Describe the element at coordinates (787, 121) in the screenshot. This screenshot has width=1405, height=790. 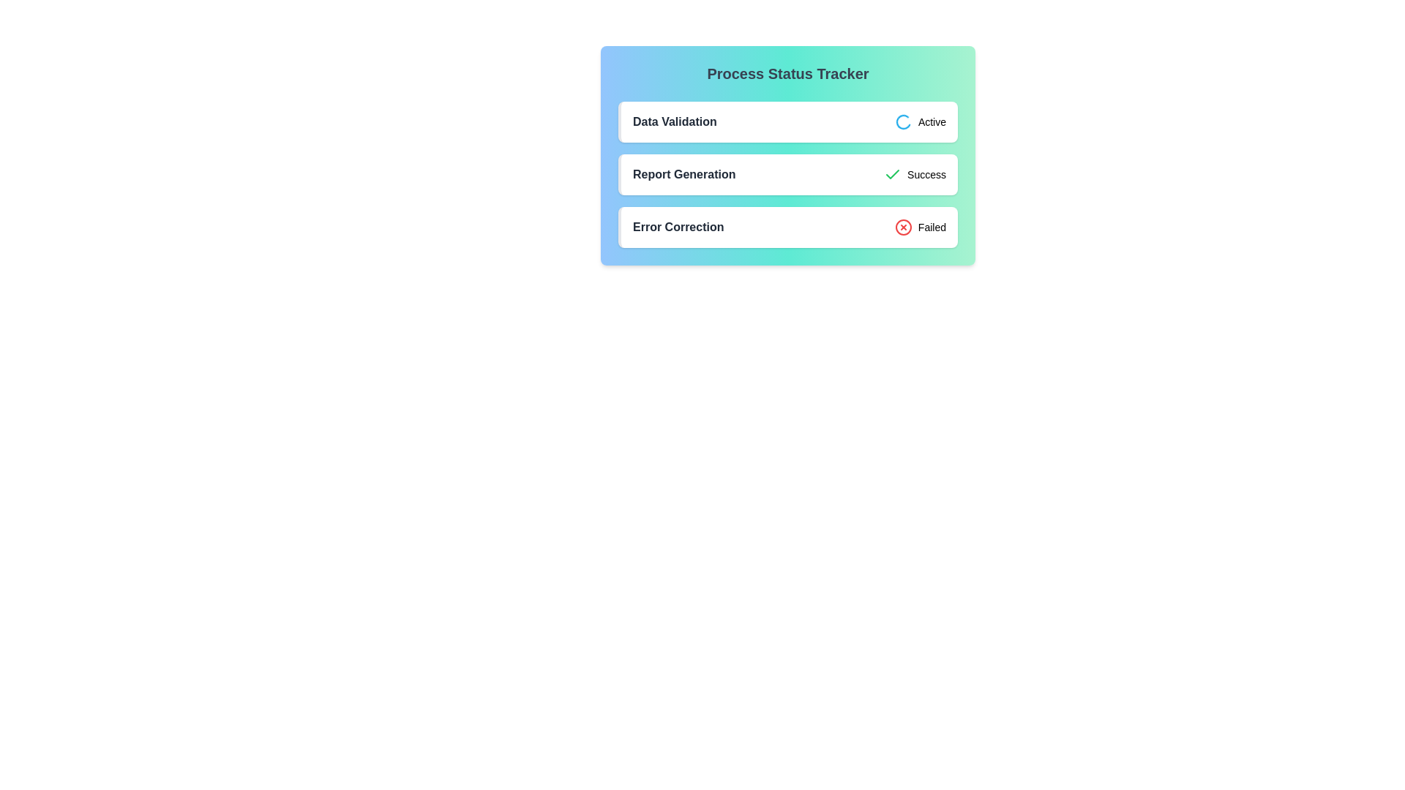
I see `the rotating icon on the 'Data Validation' status card, which is the first card in the 'Process Status Tracker' section indicating that the task is currently 'Active'` at that location.